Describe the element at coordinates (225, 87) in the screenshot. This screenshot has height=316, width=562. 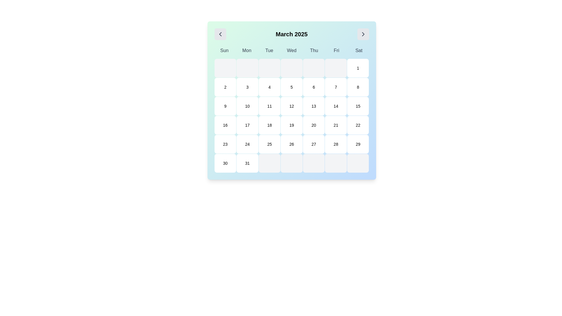
I see `the small square button displaying the number '2' in bold black text, which is located in the second cell of the second row of the calendar grid` at that location.